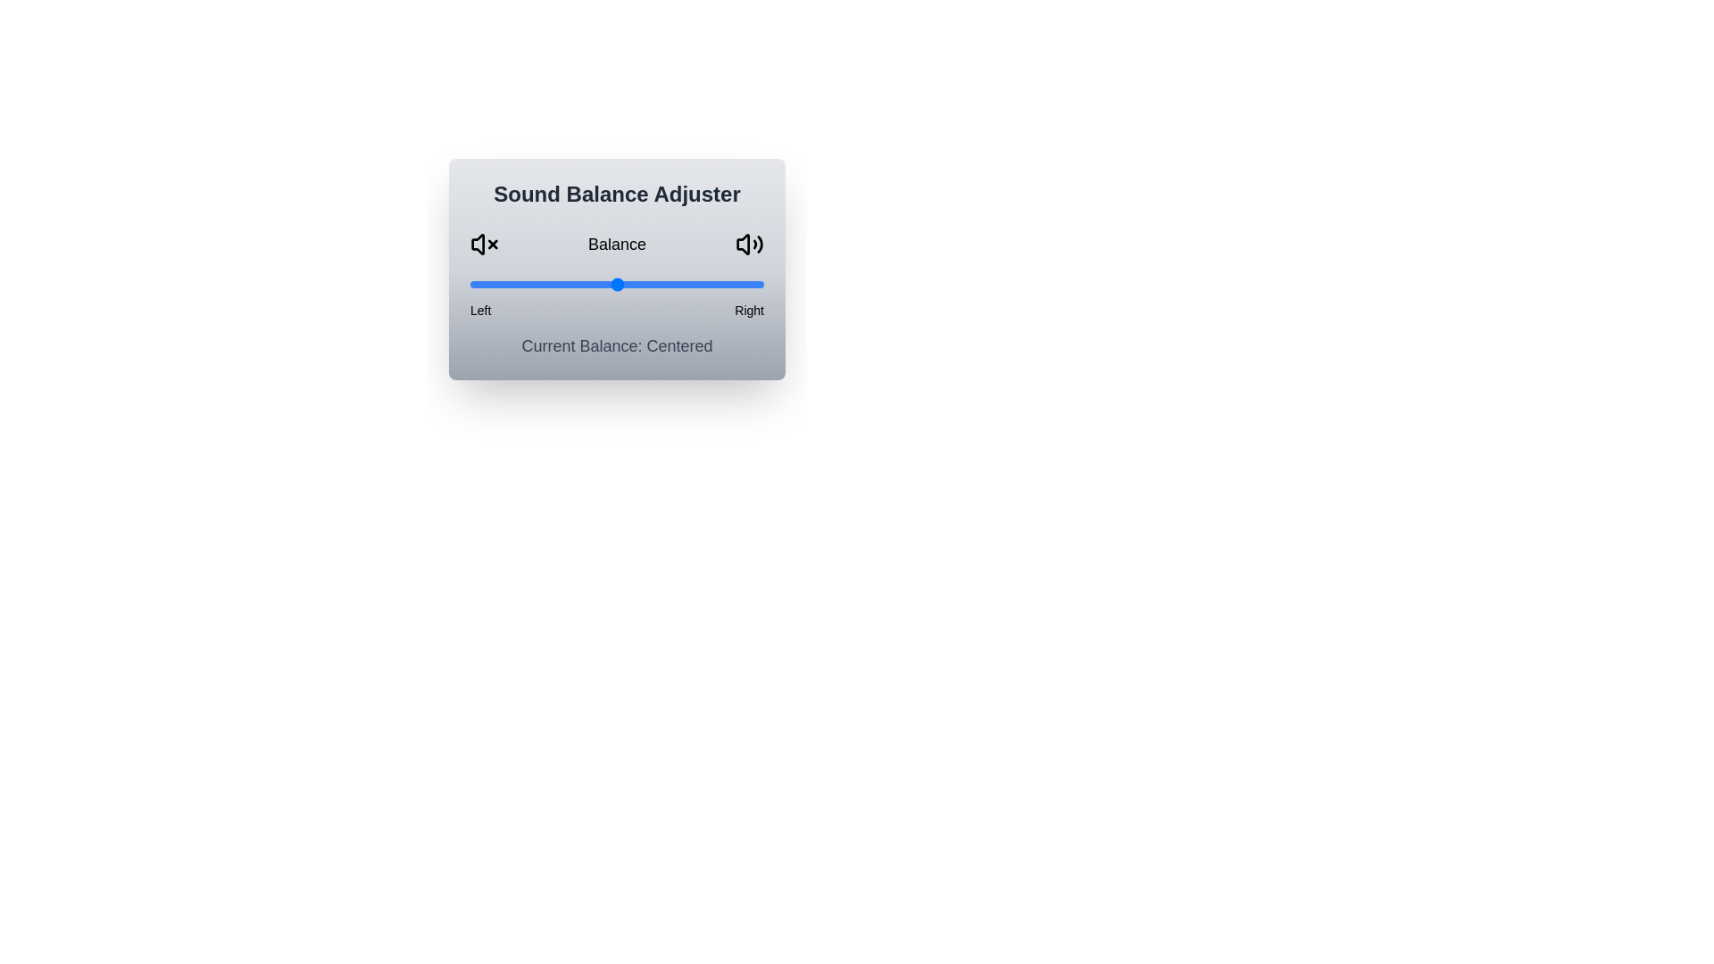 The image size is (1714, 964). What do you see at coordinates (484, 244) in the screenshot?
I see `the volume-down icon in the Sound Balance Adjuster` at bounding box center [484, 244].